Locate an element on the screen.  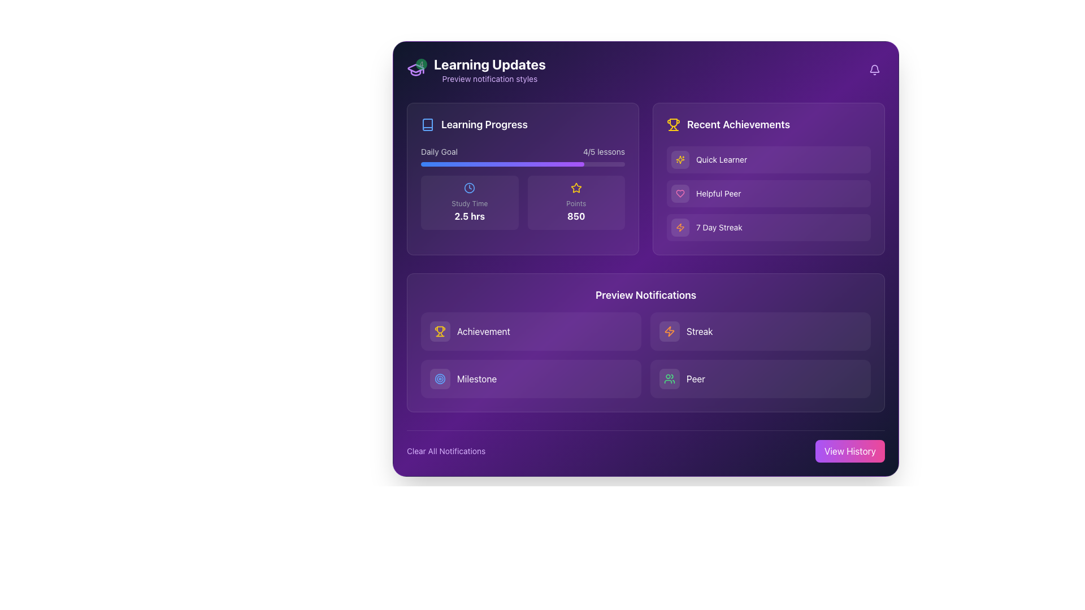
text label that says 'Recent Achievements', which is styled in large, bold white font against a purple background and located next to a trophy icon in the top-right area of the interface is located at coordinates (739, 124).